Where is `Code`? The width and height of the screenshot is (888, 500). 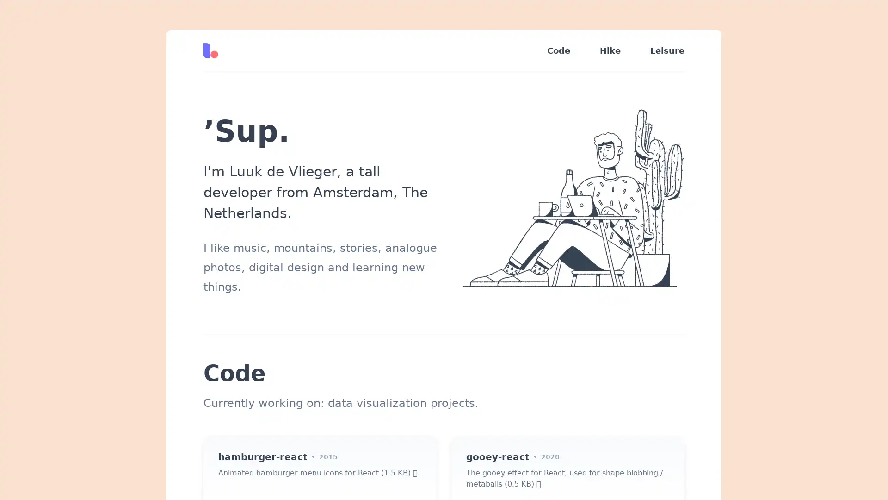
Code is located at coordinates (558, 50).